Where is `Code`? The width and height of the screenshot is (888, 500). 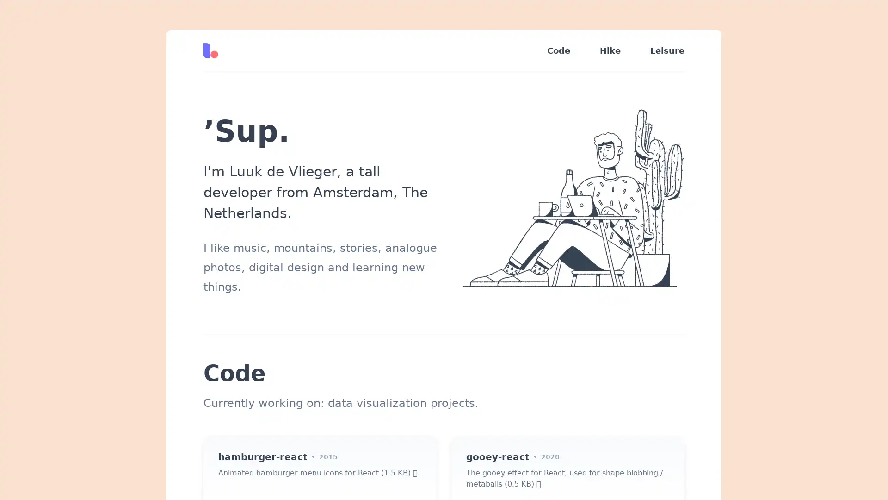
Code is located at coordinates (558, 50).